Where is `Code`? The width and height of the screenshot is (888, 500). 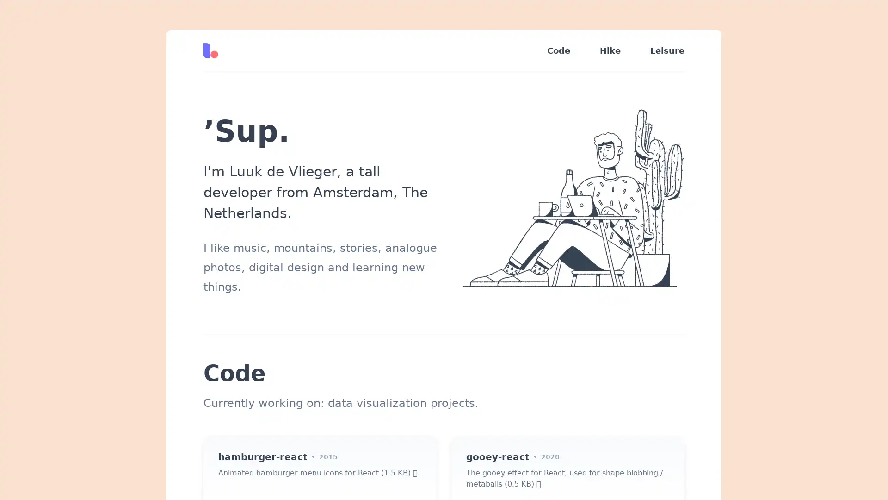
Code is located at coordinates (558, 50).